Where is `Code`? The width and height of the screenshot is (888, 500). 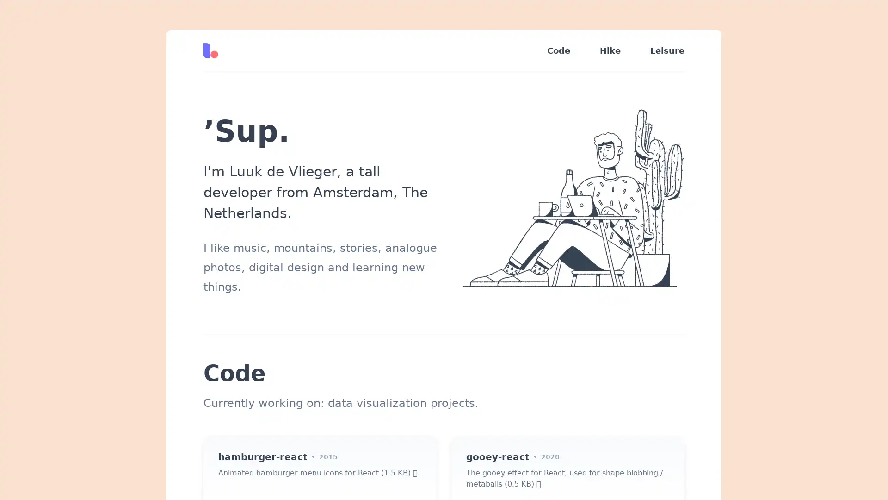
Code is located at coordinates (558, 50).